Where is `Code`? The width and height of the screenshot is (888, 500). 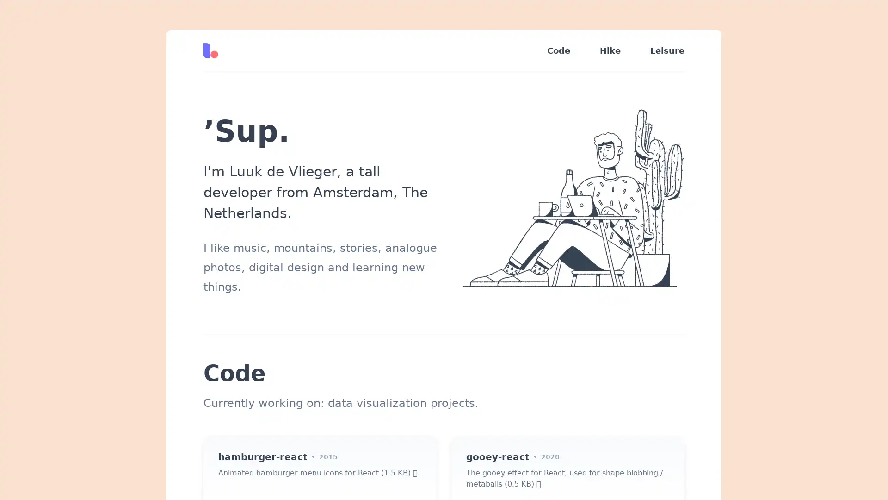
Code is located at coordinates (558, 50).